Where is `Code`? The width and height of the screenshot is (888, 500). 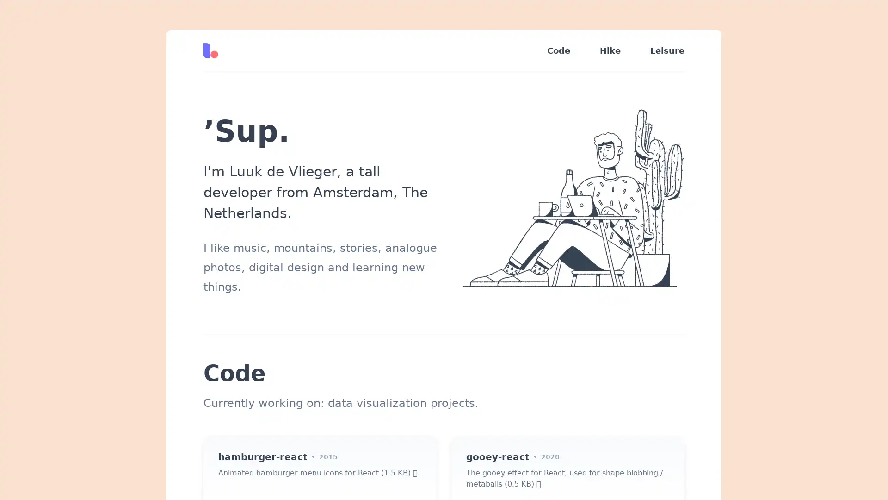
Code is located at coordinates (558, 50).